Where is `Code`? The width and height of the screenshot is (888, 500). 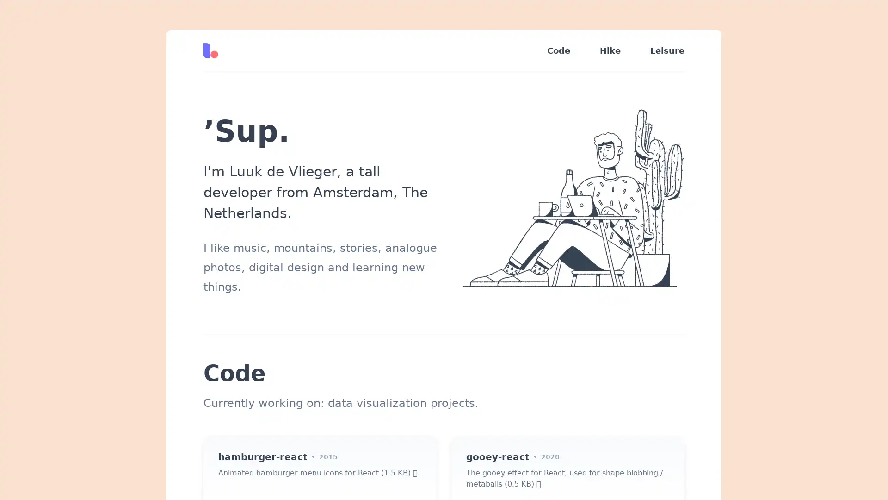
Code is located at coordinates (558, 50).